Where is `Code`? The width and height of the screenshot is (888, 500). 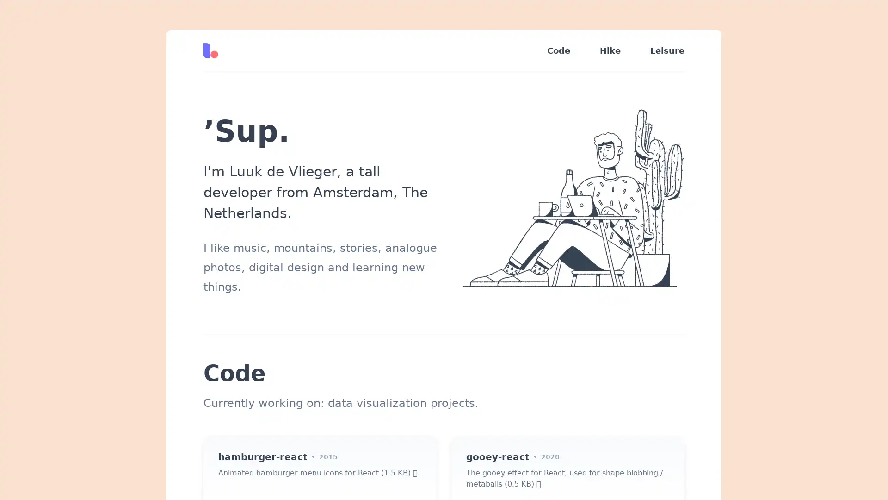
Code is located at coordinates (558, 50).